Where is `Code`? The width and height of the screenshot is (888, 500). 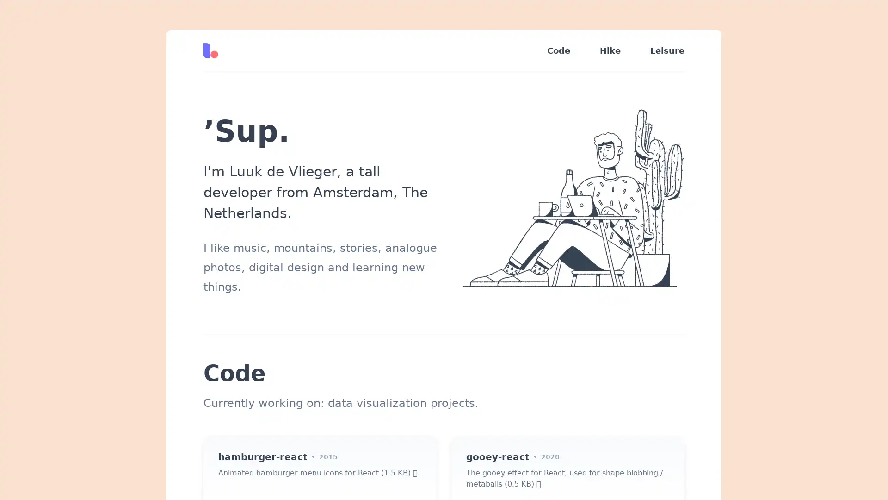
Code is located at coordinates (558, 50).